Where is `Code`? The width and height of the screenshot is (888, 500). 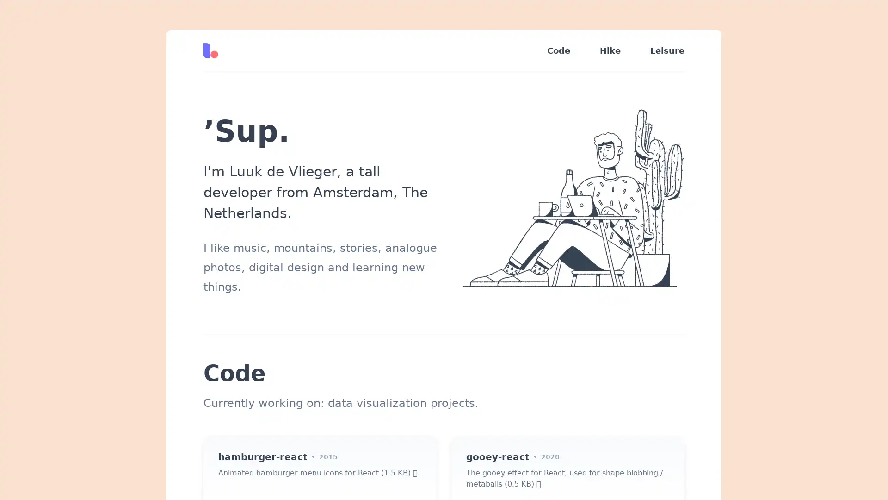
Code is located at coordinates (558, 50).